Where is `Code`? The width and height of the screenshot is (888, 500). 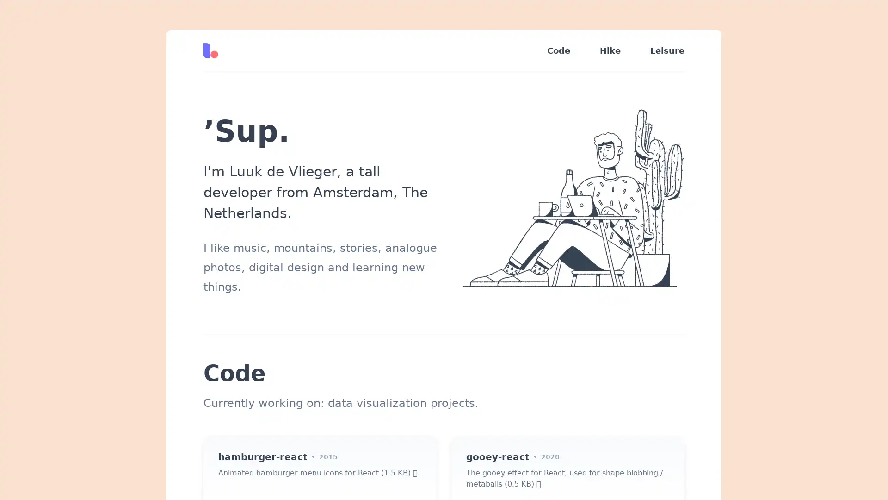
Code is located at coordinates (558, 50).